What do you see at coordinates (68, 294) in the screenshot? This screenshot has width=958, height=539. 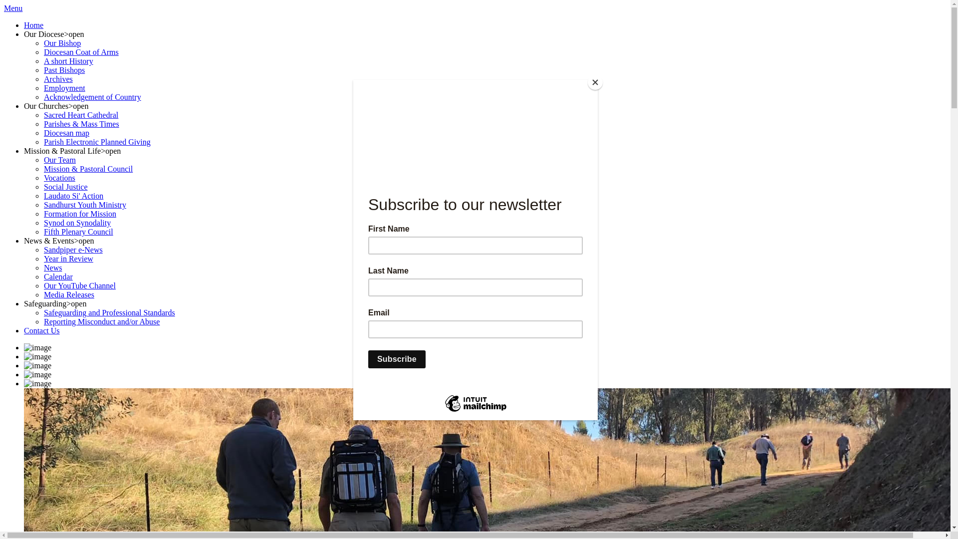 I see `'Media Releases'` at bounding box center [68, 294].